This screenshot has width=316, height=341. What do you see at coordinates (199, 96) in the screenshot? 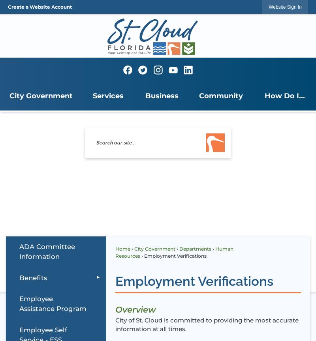
I see `'Community'` at bounding box center [199, 96].